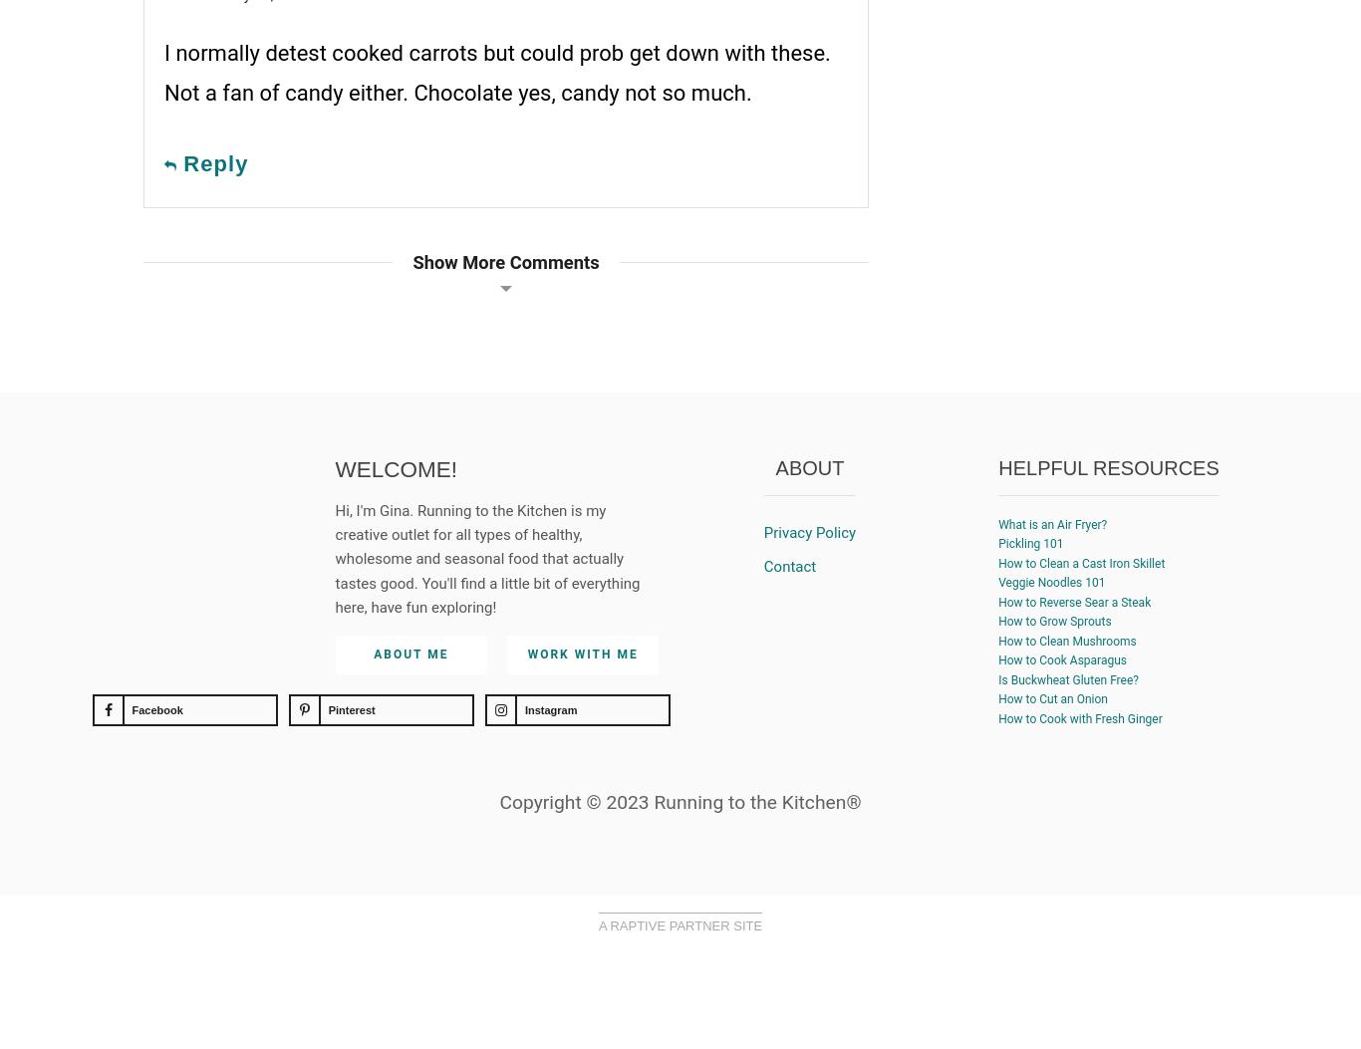  Describe the element at coordinates (679, 802) in the screenshot. I see `'Copyright © 2023 Running to the Kitchen®'` at that location.